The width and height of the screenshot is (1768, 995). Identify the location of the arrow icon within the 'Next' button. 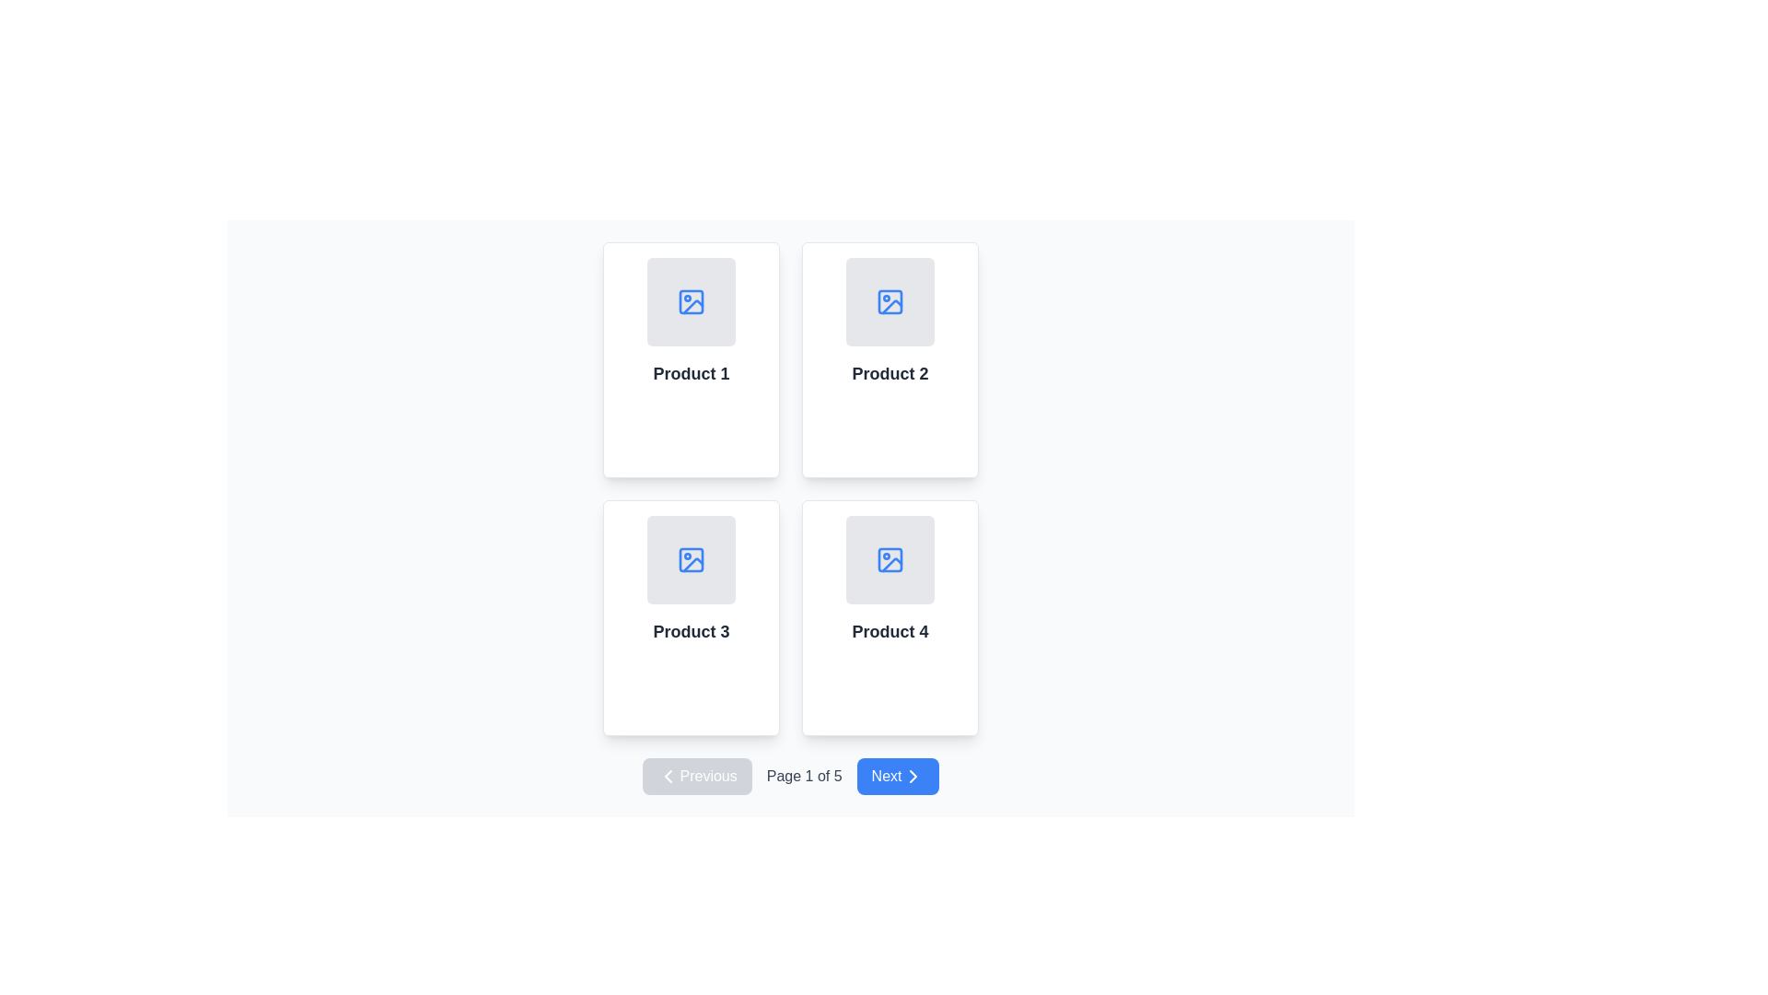
(913, 777).